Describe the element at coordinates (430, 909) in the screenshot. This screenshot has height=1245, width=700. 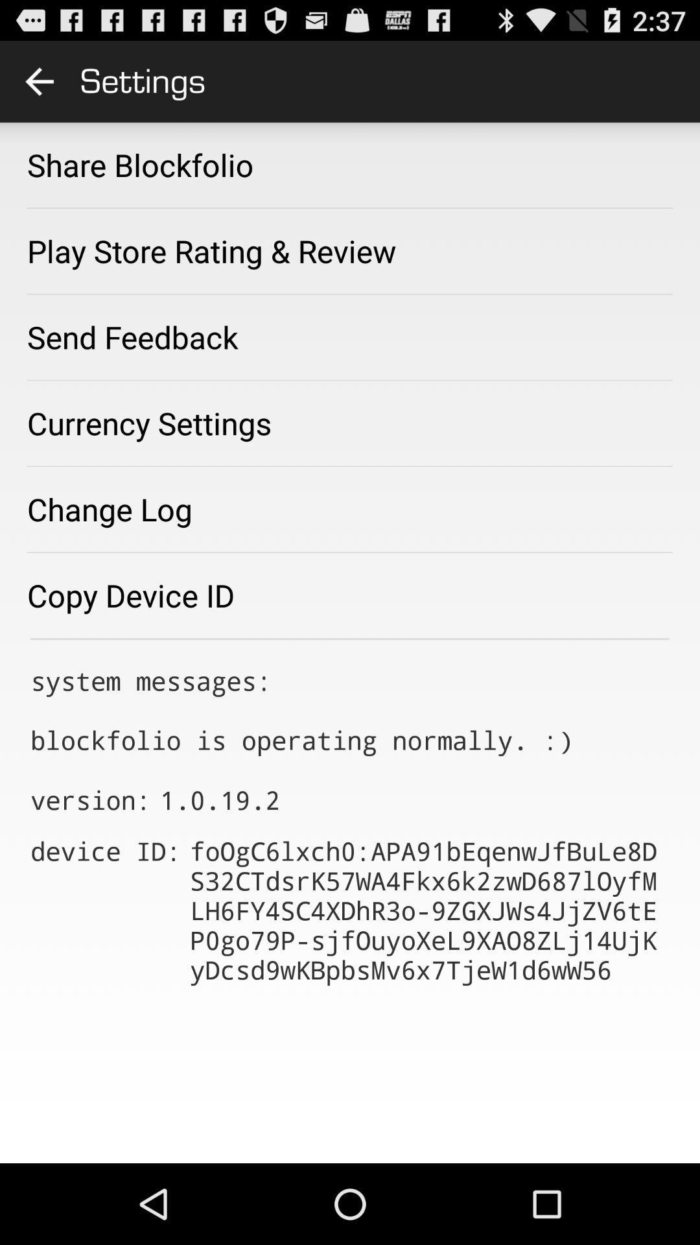
I see `the app at the bottom` at that location.